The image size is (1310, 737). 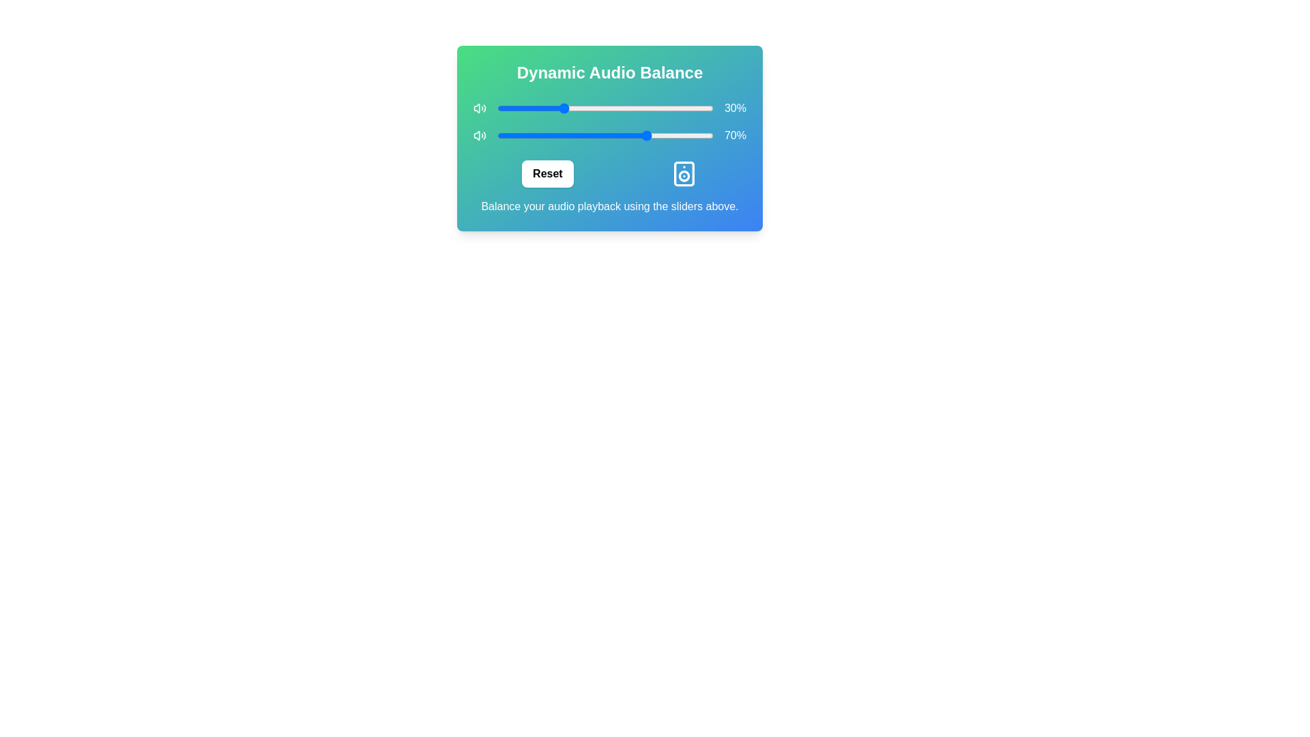 What do you see at coordinates (684, 173) in the screenshot?
I see `the audio functionality icon located to the right of the 'Reset' button within the blue gradient section under the sliders for interaction` at bounding box center [684, 173].